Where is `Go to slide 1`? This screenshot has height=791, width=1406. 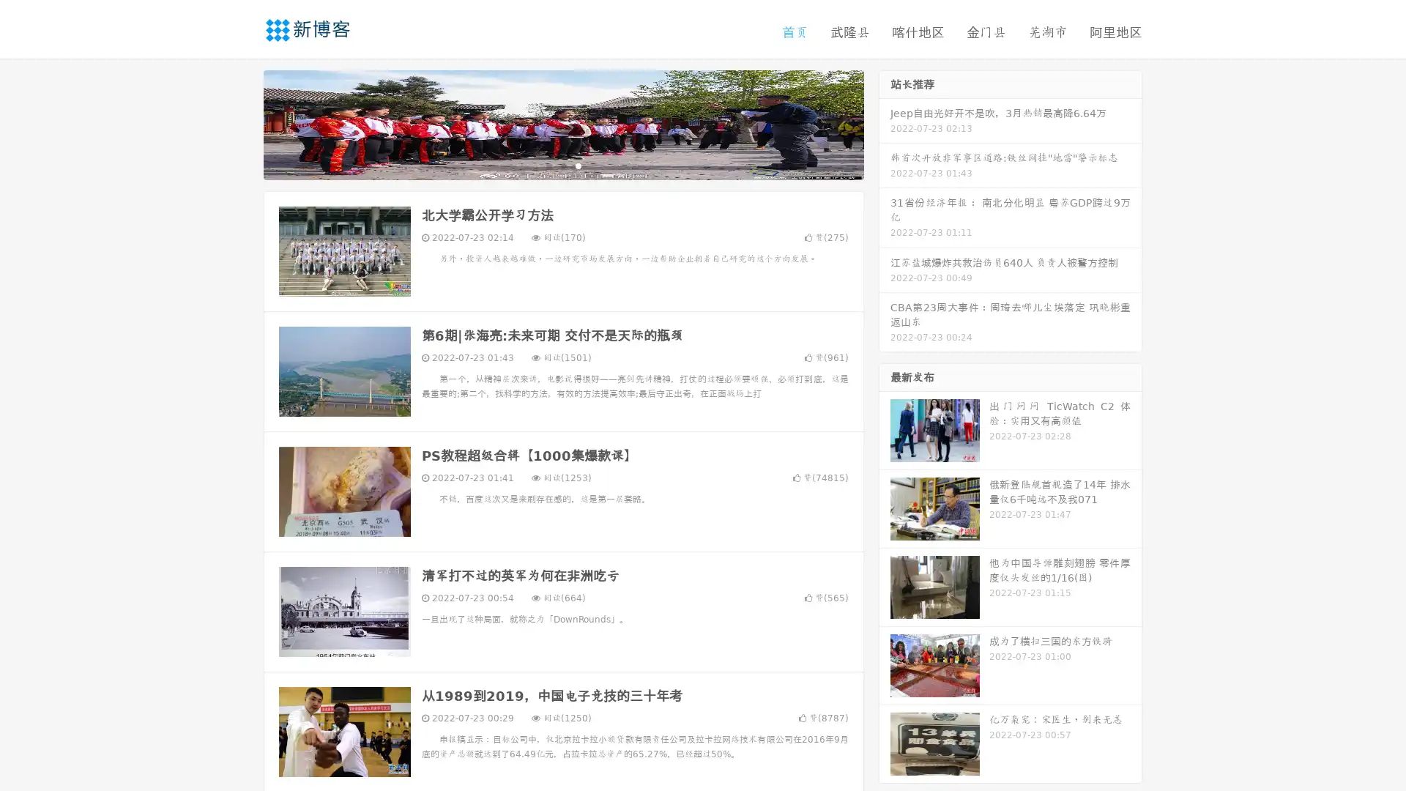
Go to slide 1 is located at coordinates (548, 165).